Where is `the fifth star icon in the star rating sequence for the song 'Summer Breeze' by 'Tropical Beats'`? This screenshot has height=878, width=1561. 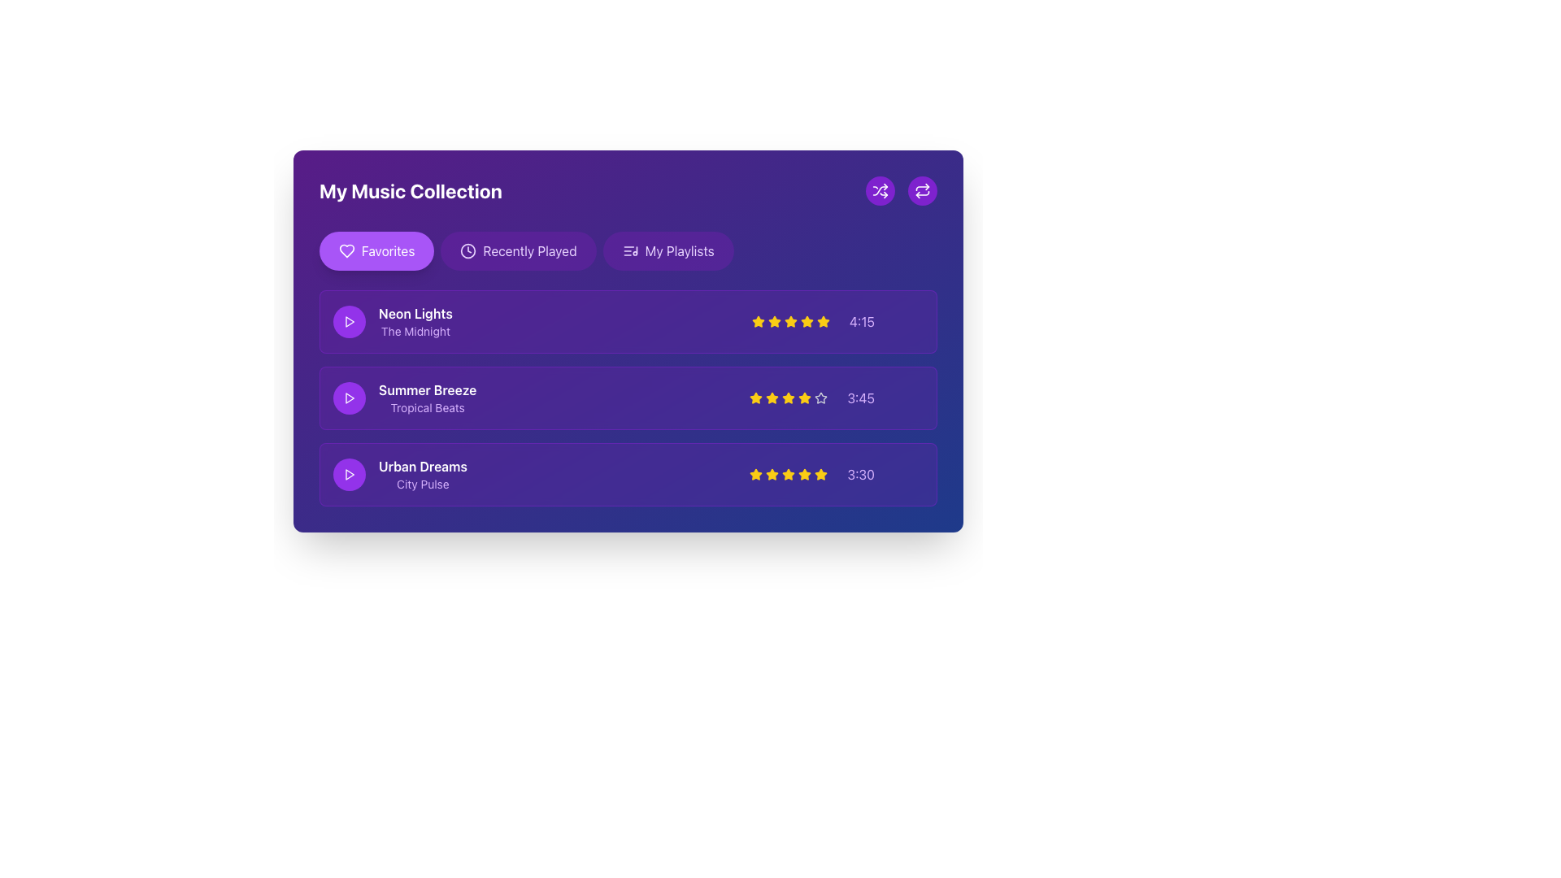 the fifth star icon in the star rating sequence for the song 'Summer Breeze' by 'Tropical Beats' is located at coordinates (821, 398).